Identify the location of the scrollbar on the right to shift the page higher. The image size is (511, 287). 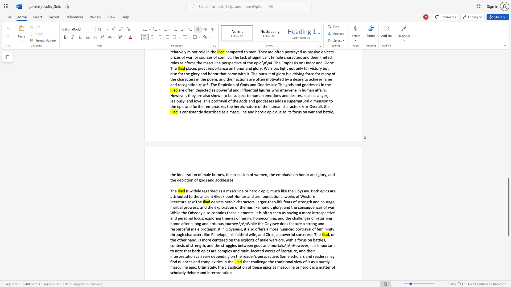
(508, 162).